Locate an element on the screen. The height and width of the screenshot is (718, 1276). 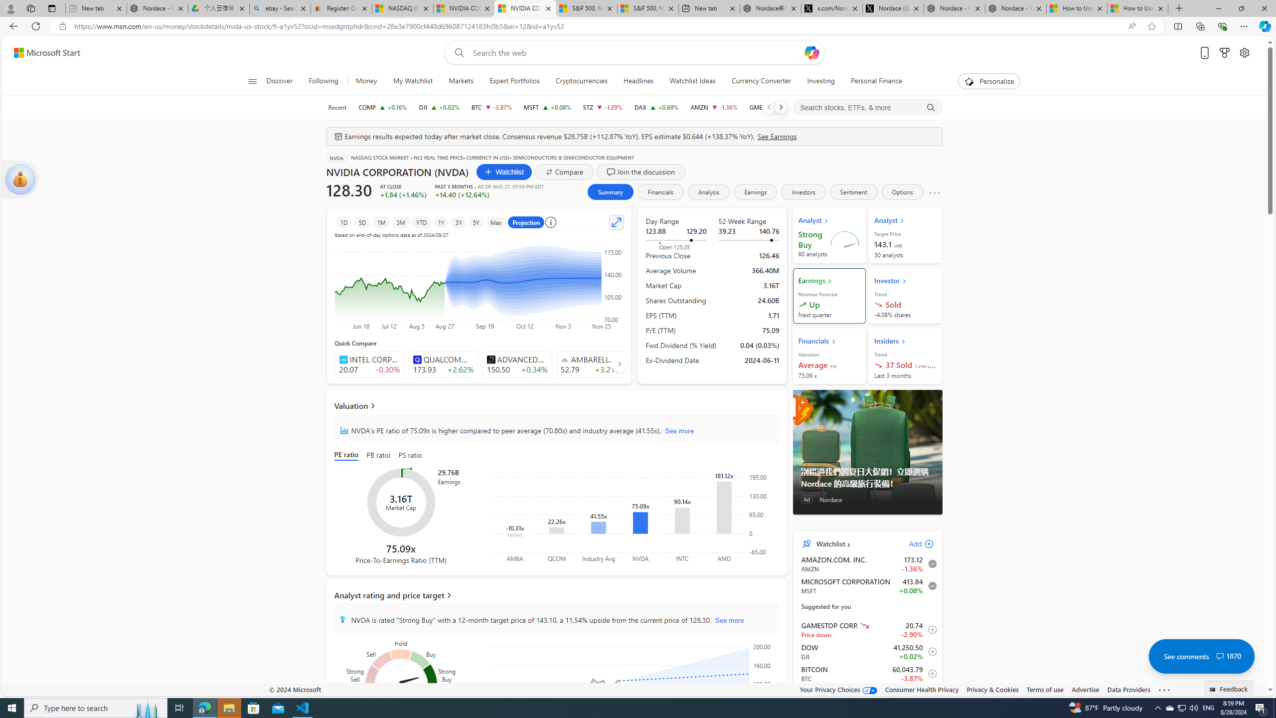
'Privacy & Cookies' is located at coordinates (991, 689).